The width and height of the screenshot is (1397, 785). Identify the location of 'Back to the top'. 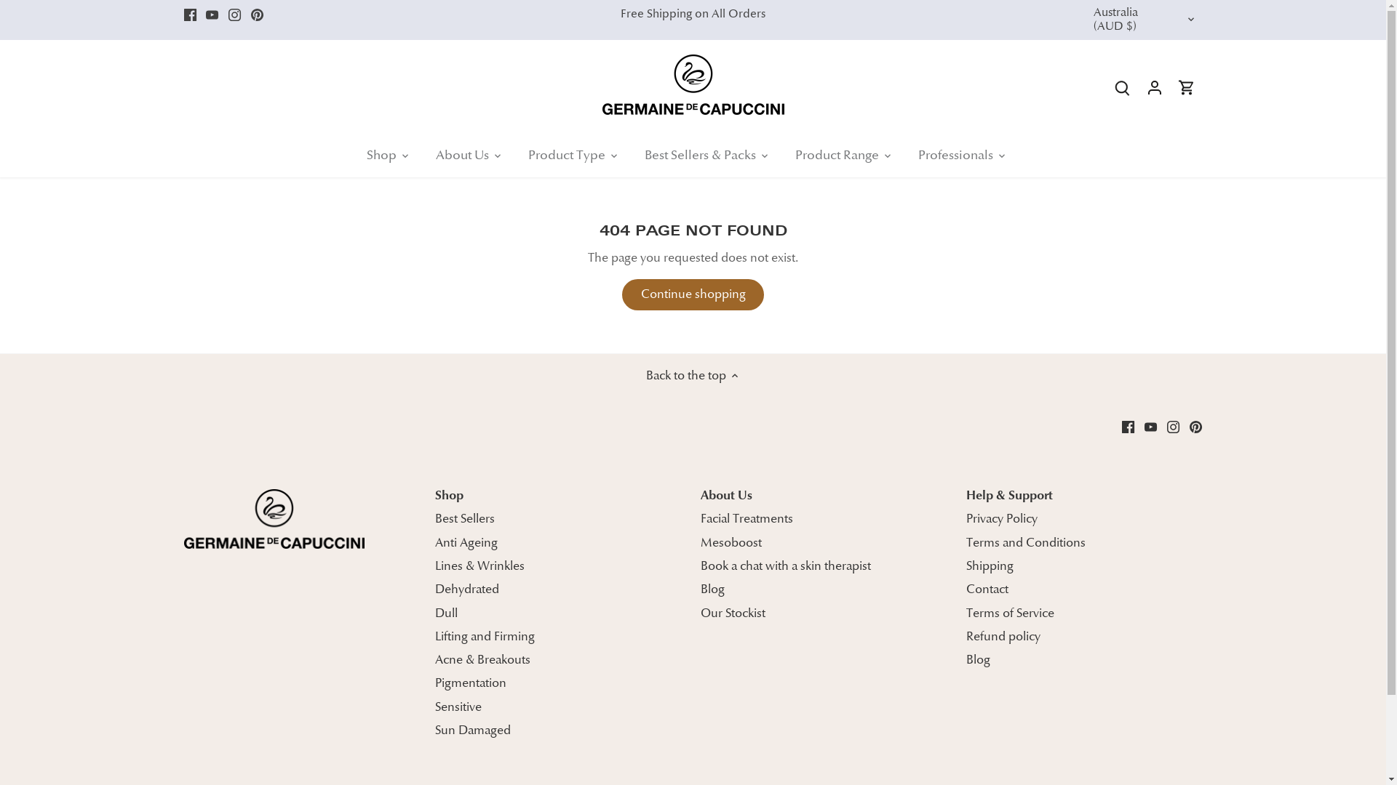
(645, 374).